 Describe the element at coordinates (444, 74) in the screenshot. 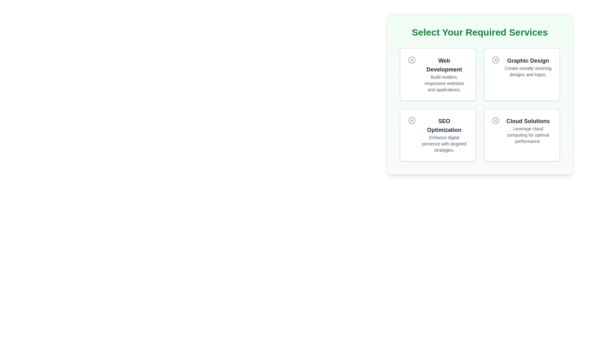

I see `the textual details of the top-left informational card labeled 'Web Development Services' within the 'Select Your Required Services' grid layout` at that location.